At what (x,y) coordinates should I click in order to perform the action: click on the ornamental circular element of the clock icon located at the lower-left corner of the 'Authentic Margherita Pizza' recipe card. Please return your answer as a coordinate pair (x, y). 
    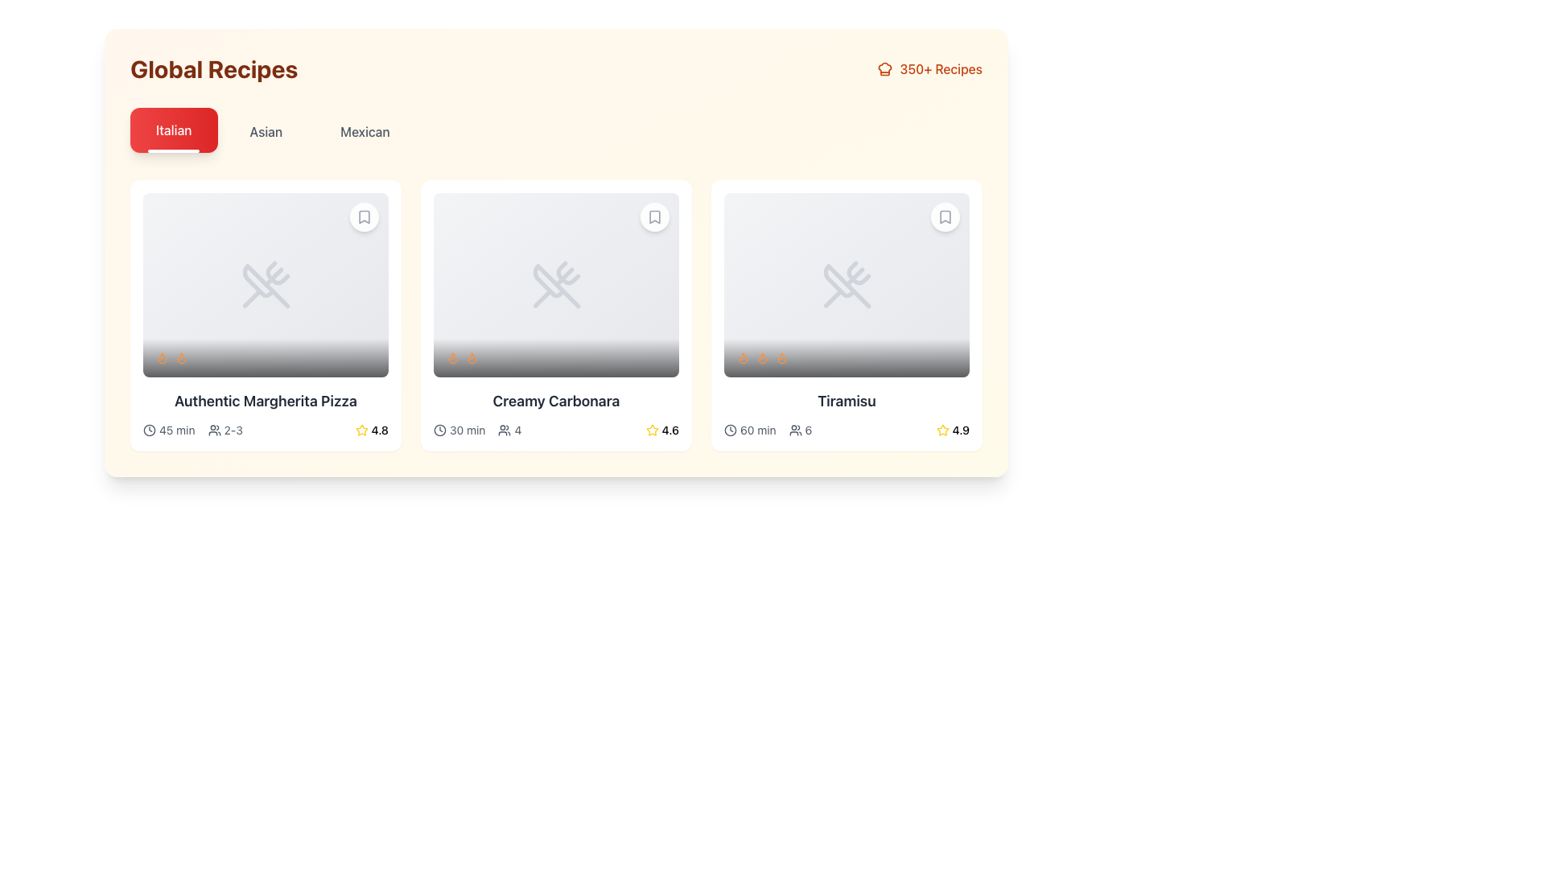
    Looking at the image, I should click on (150, 429).